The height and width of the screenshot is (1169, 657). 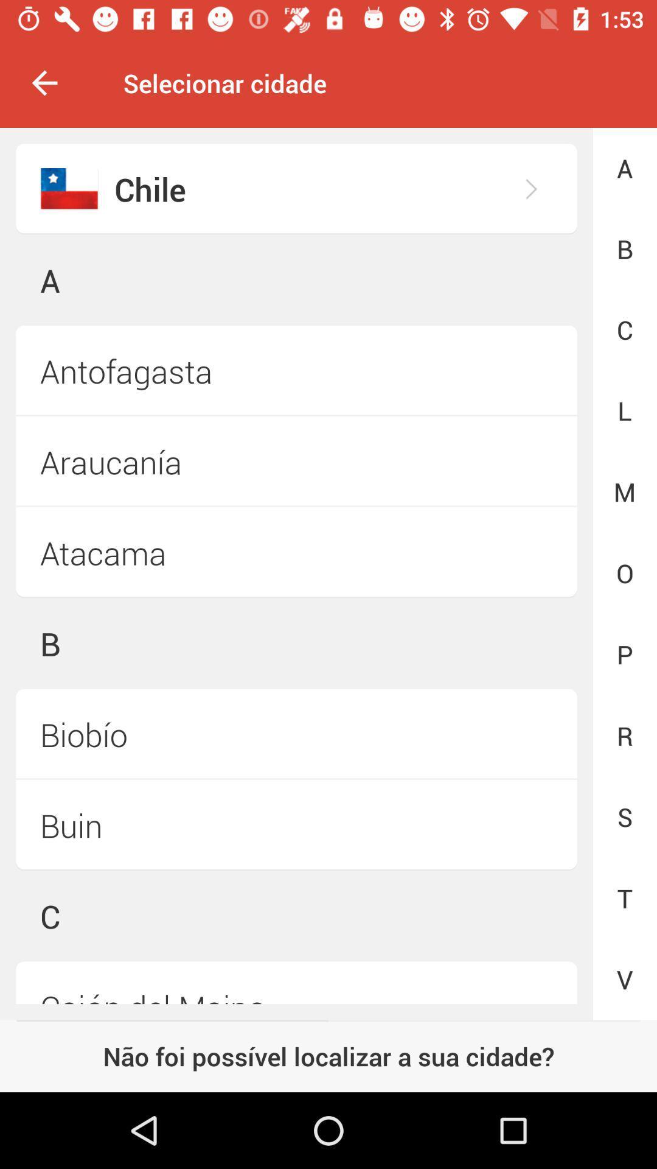 I want to click on the icon to the left of selecionar cidade icon, so click(x=44, y=82).